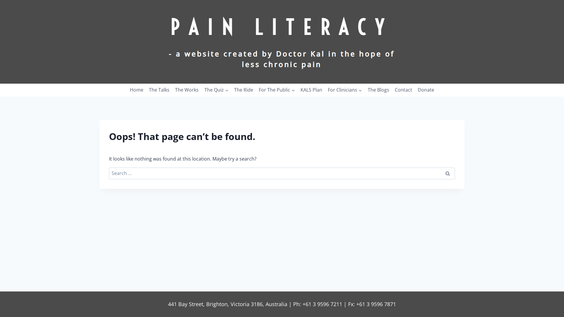 This screenshot has width=564, height=317. I want to click on 'For Clinicians', so click(345, 90).